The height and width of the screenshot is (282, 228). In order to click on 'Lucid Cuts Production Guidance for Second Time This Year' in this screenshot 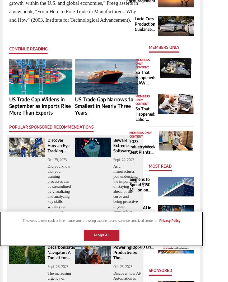, I will do `click(145, 32)`.